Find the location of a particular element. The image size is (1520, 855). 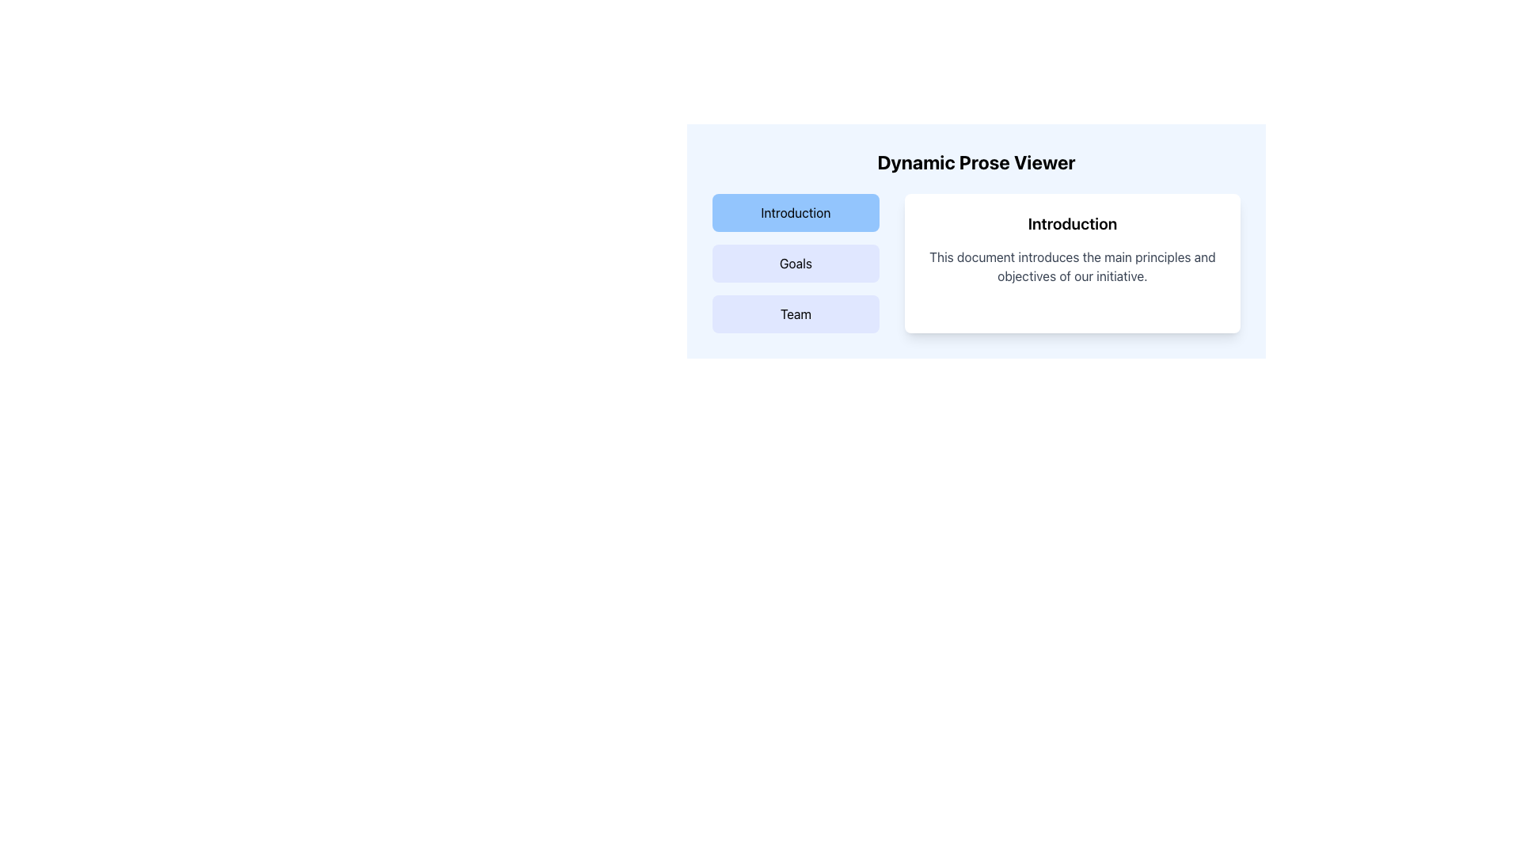

the 'Team' button with a light indigo background and the text 'Team' in black is located at coordinates (796, 314).